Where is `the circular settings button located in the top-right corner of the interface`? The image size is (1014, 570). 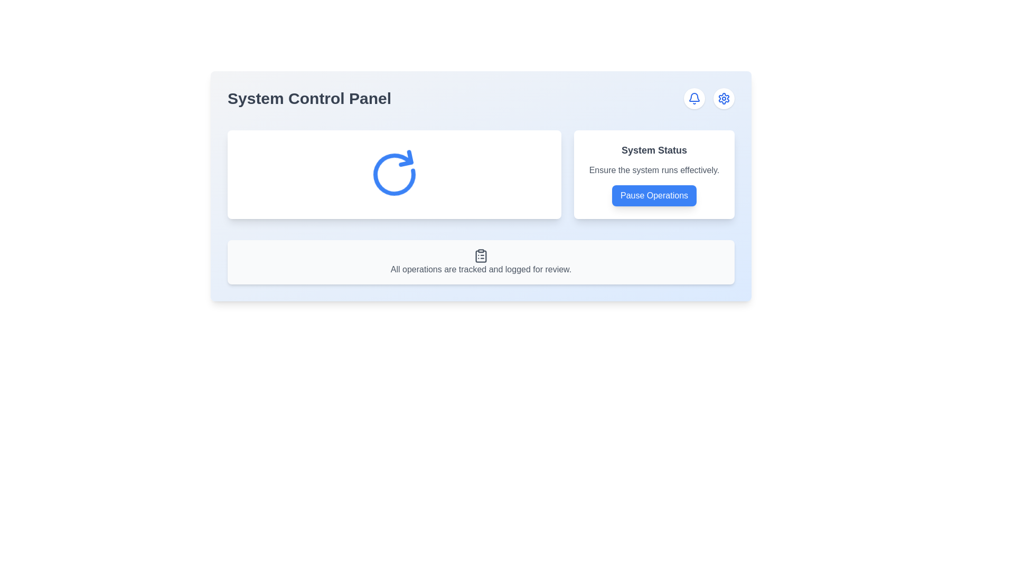
the circular settings button located in the top-right corner of the interface is located at coordinates (724, 98).